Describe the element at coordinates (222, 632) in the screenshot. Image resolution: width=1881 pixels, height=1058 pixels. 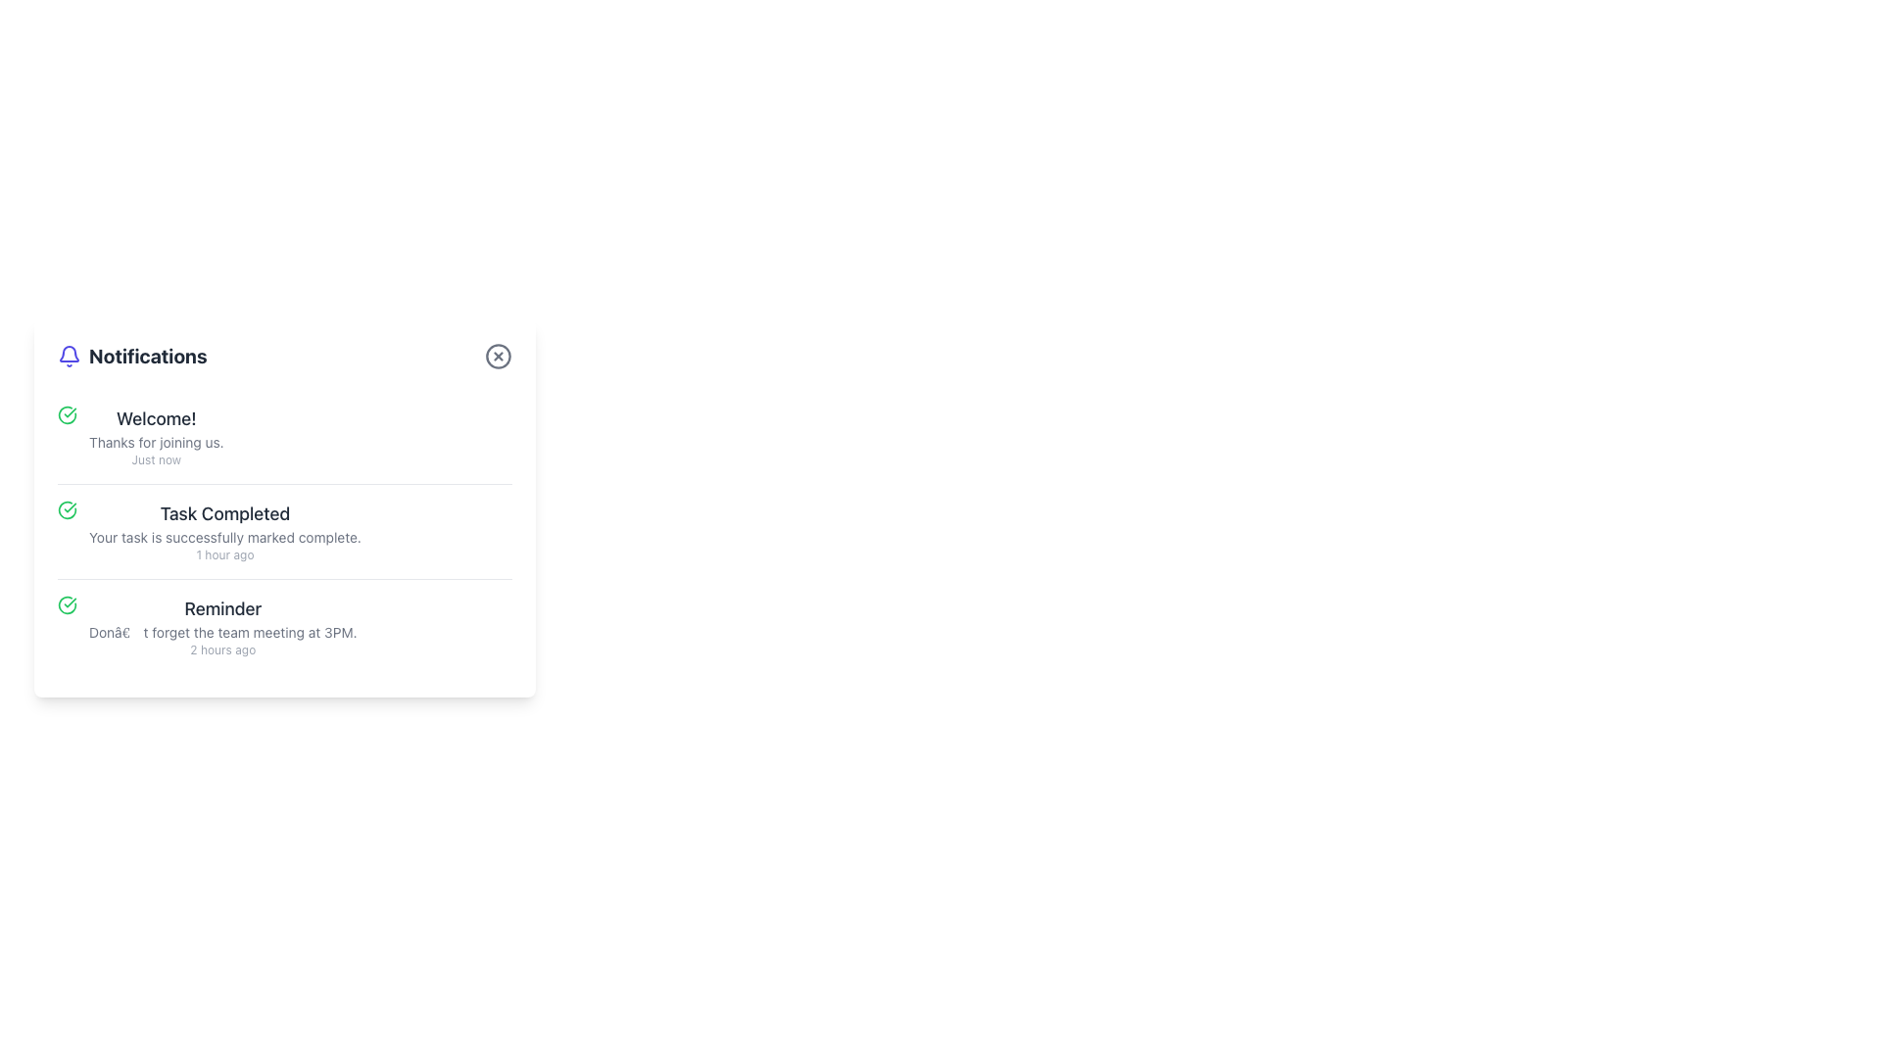
I see `the text label that informs the user about an upcoming team meeting scheduled for 3PM, located in the notification panel under the 'Reminder' heading` at that location.